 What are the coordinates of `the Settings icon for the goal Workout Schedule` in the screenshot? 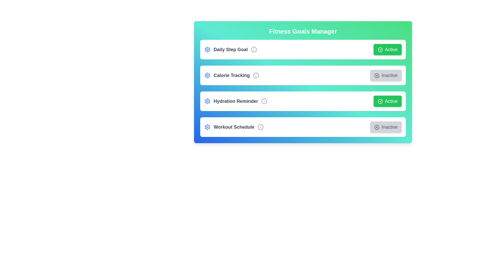 It's located at (207, 127).